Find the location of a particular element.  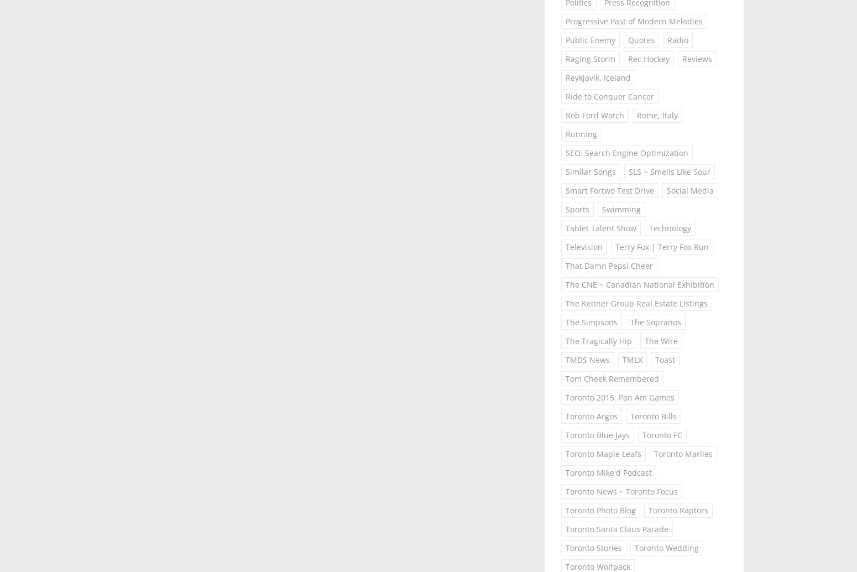

'Sports' is located at coordinates (577, 209).